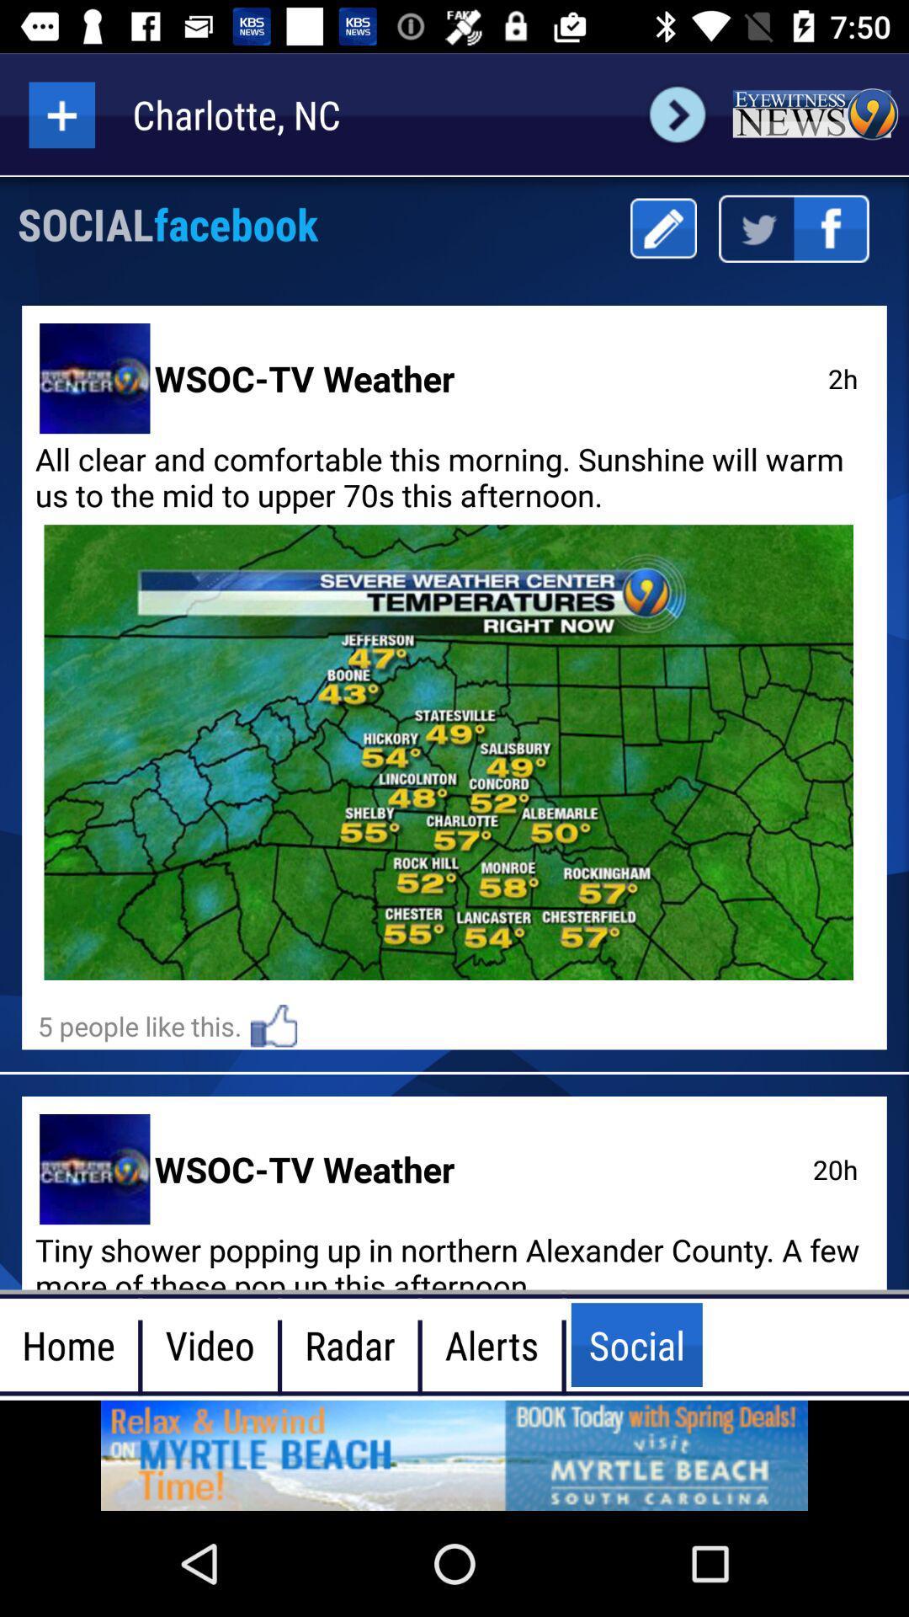 The height and width of the screenshot is (1617, 909). What do you see at coordinates (61, 114) in the screenshot?
I see `more option` at bounding box center [61, 114].